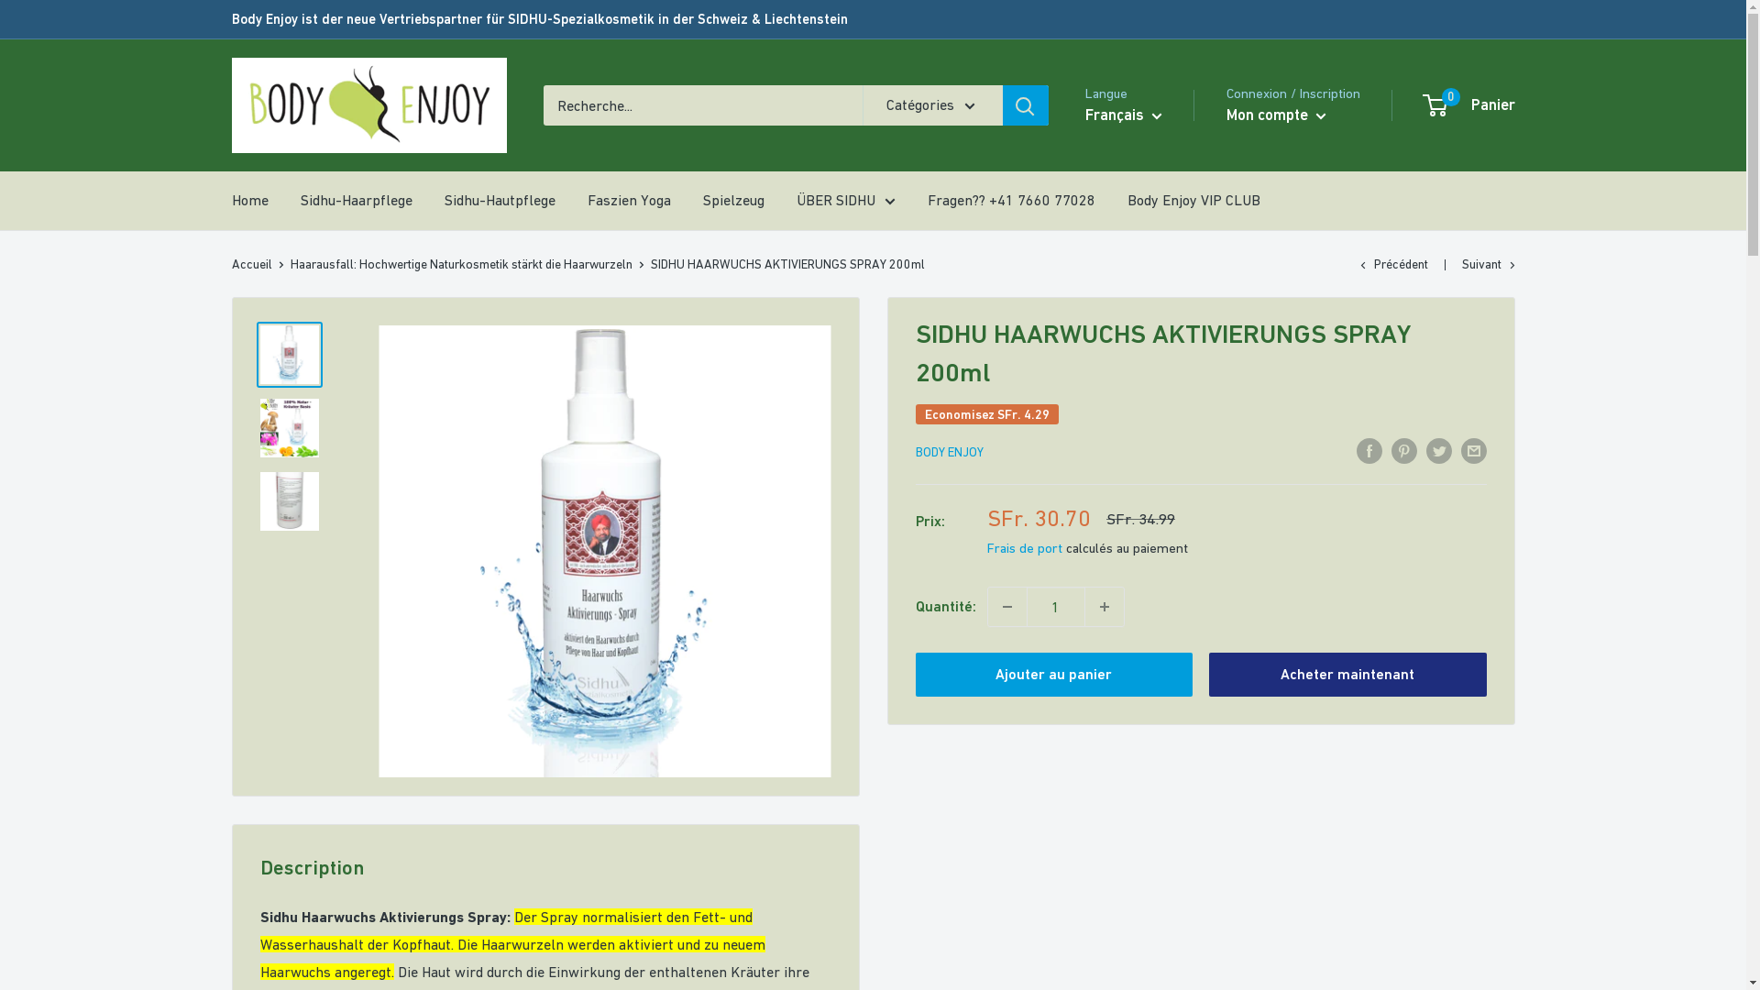  What do you see at coordinates (1010, 201) in the screenshot?
I see `'Fragen?? +41 7660 77028'` at bounding box center [1010, 201].